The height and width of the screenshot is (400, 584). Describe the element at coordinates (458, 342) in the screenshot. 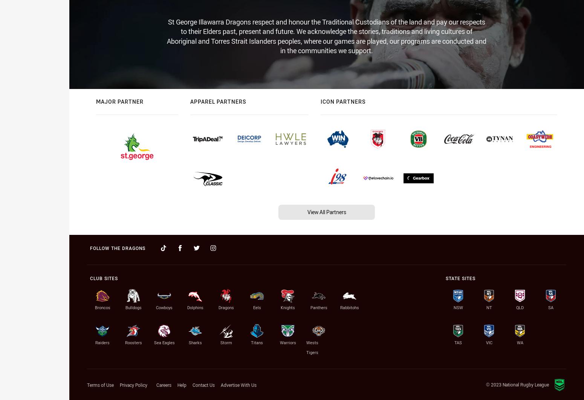

I see `'TAS'` at that location.